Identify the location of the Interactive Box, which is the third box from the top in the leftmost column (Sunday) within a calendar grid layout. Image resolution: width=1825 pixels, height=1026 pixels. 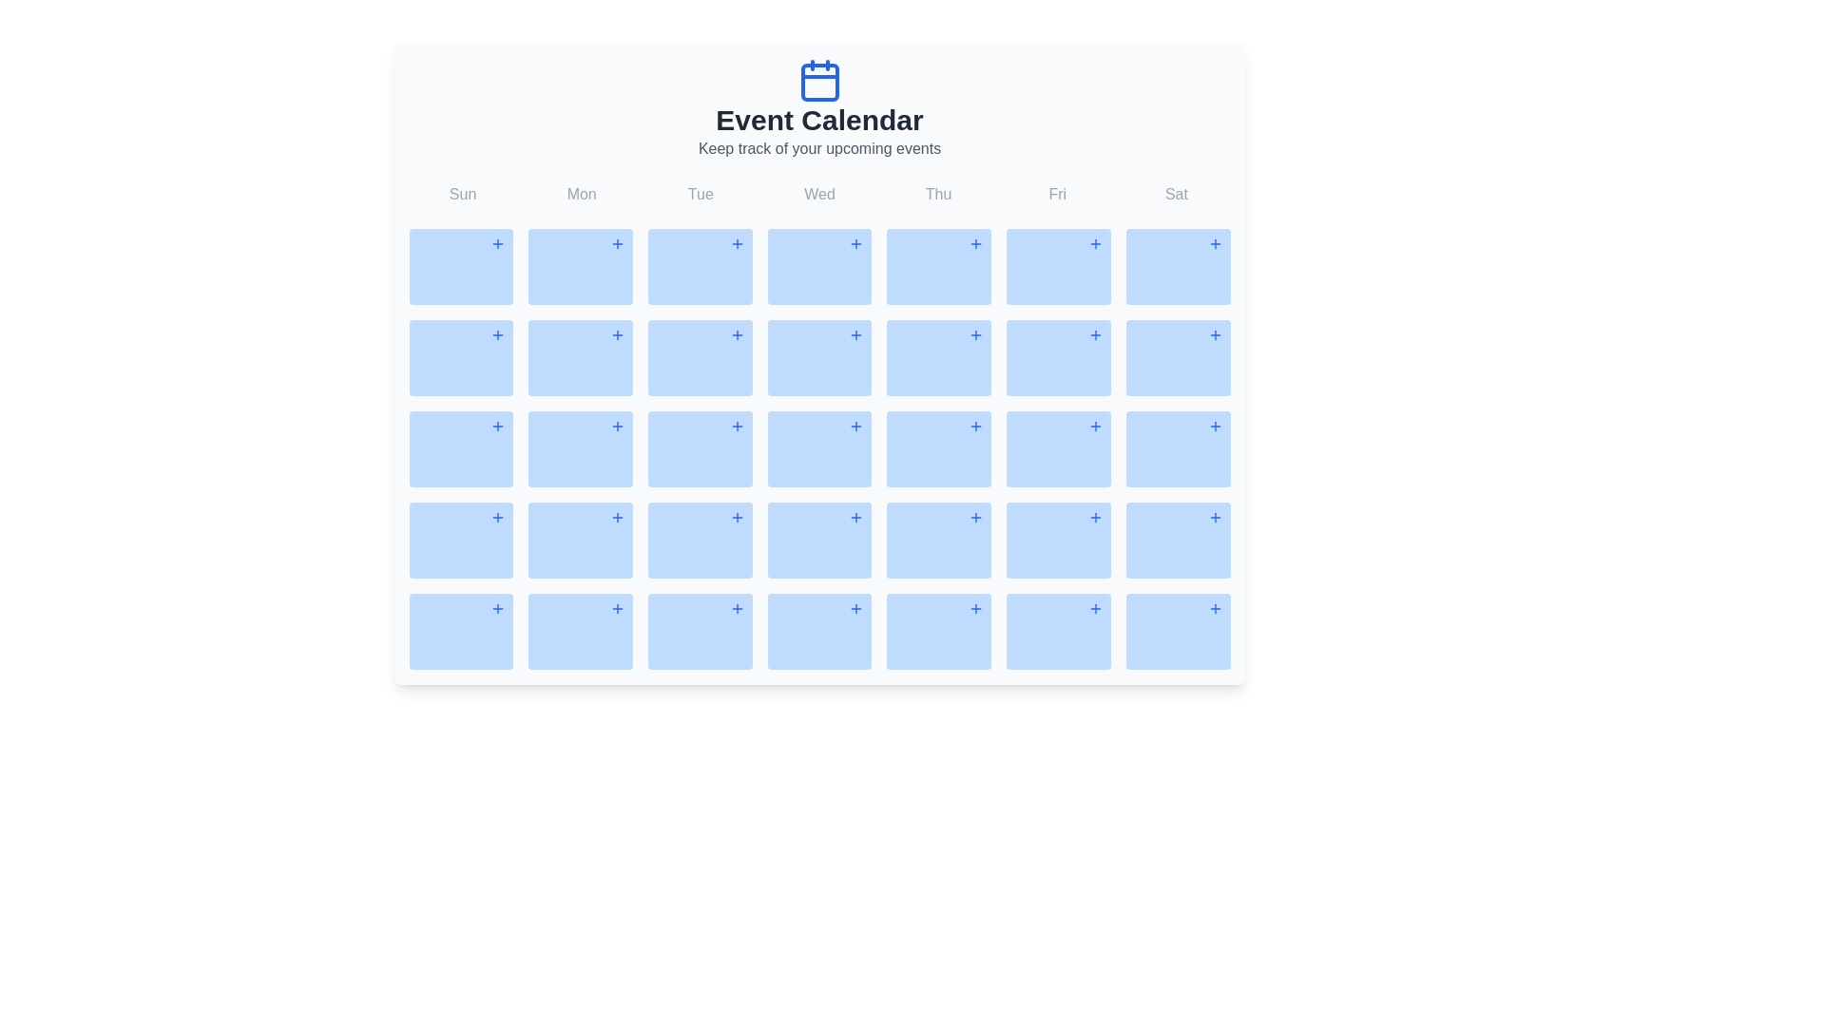
(461, 449).